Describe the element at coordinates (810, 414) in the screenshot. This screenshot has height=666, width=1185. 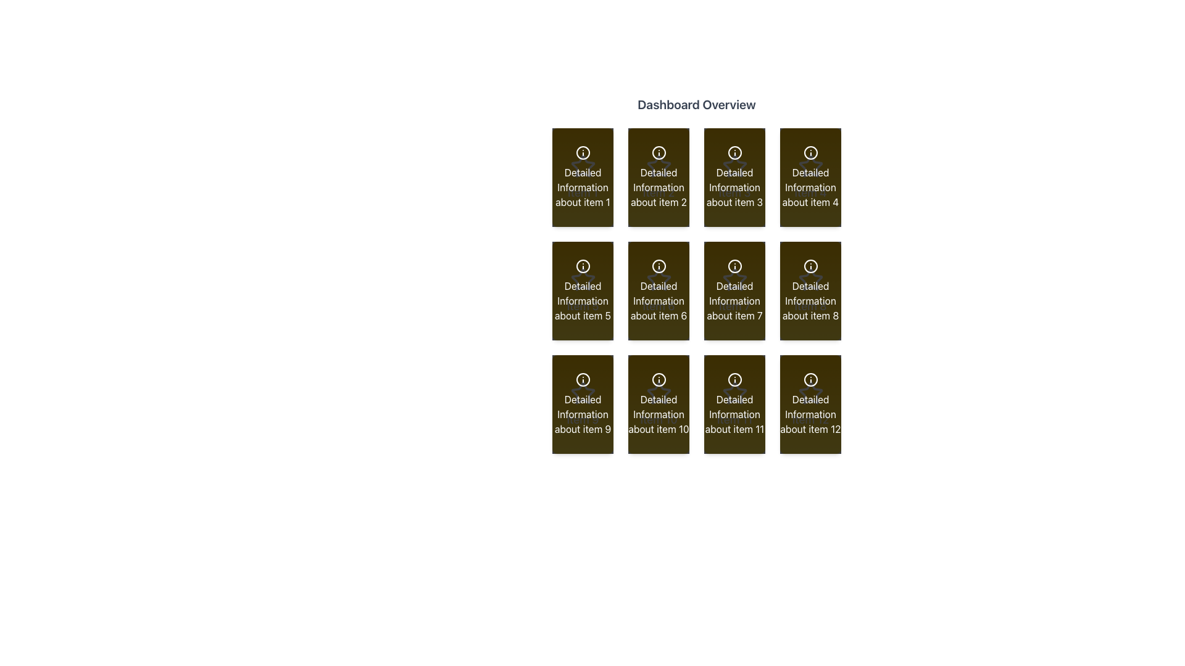
I see `the Text Label that provides detailed information about item 12, located in the fourth row, last column of the grid` at that location.